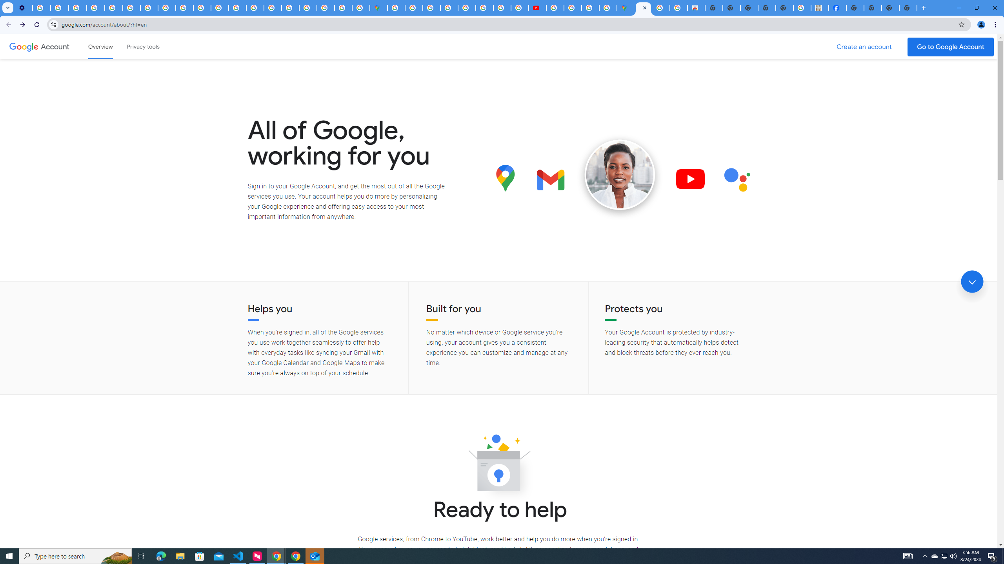 Image resolution: width=1004 pixels, height=564 pixels. Describe the element at coordinates (100, 46) in the screenshot. I see `'Google Account overview'` at that location.